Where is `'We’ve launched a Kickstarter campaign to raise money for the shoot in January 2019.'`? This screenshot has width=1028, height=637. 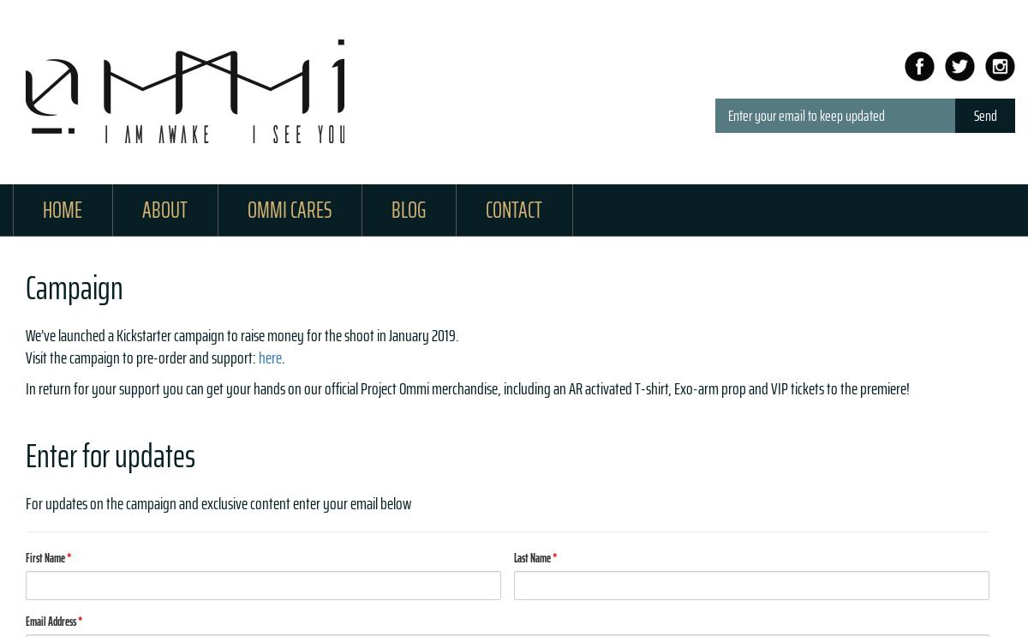 'We’ve launched a Kickstarter campaign to raise money for the shoot in January 2019.' is located at coordinates (26, 334).